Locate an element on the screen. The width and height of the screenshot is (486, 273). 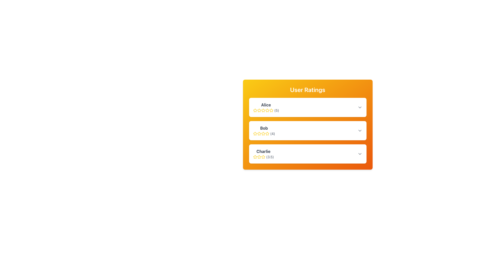
the first rating star icon is located at coordinates (259, 110).